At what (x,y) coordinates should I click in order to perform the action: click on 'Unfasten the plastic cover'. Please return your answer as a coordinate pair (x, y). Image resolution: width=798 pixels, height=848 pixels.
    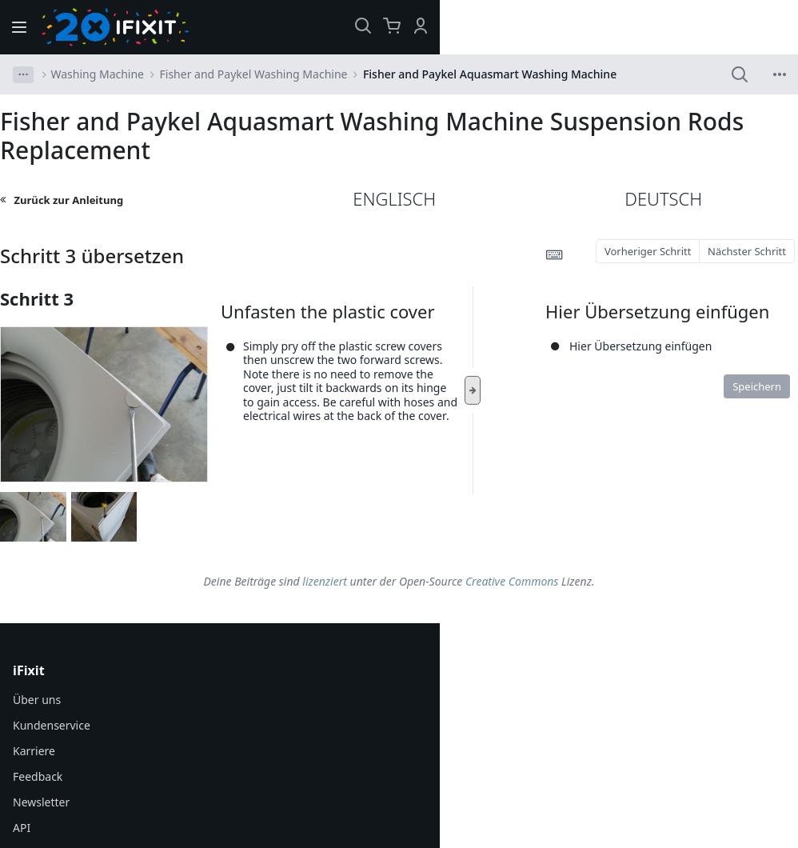
    Looking at the image, I should click on (327, 310).